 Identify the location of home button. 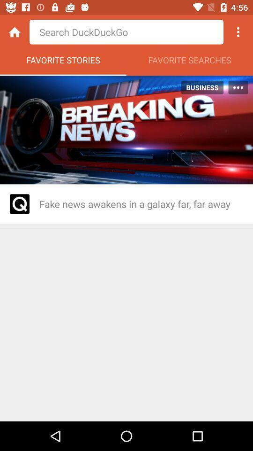
(14, 32).